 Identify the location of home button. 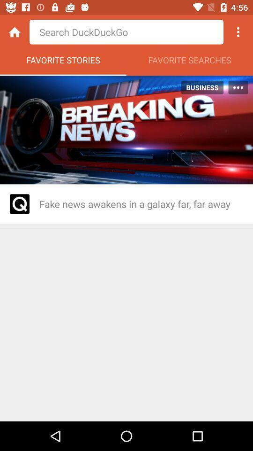
(14, 32).